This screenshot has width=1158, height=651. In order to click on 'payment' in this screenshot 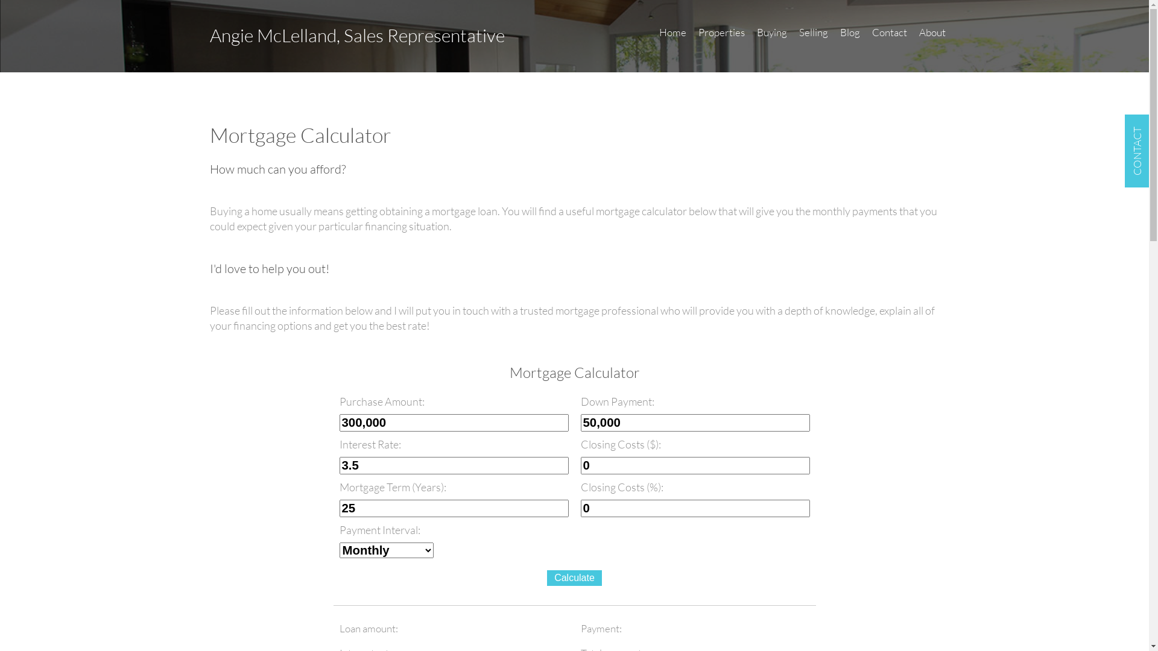, I will do `click(775, 627)`.